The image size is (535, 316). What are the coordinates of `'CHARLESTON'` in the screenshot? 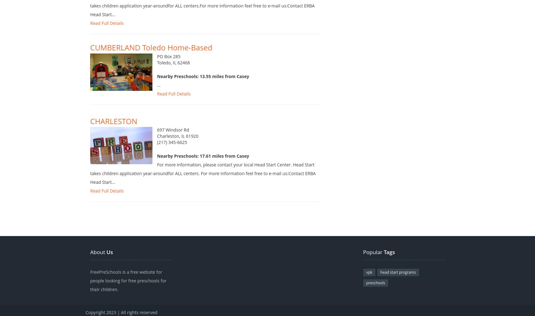 It's located at (90, 127).